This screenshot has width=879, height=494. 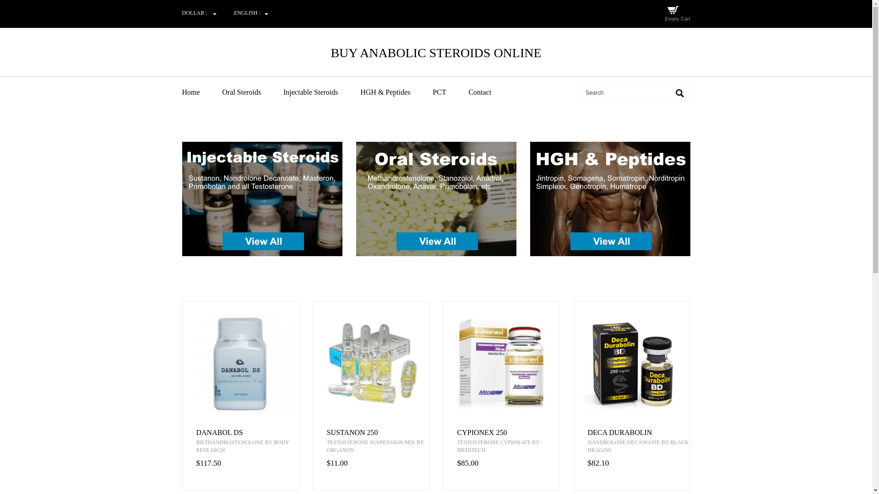 I want to click on 'Empty Cart', so click(x=677, y=19).